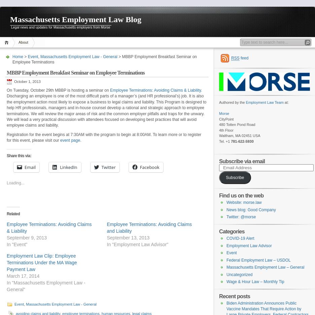  I want to click on ',', so click(39, 56).